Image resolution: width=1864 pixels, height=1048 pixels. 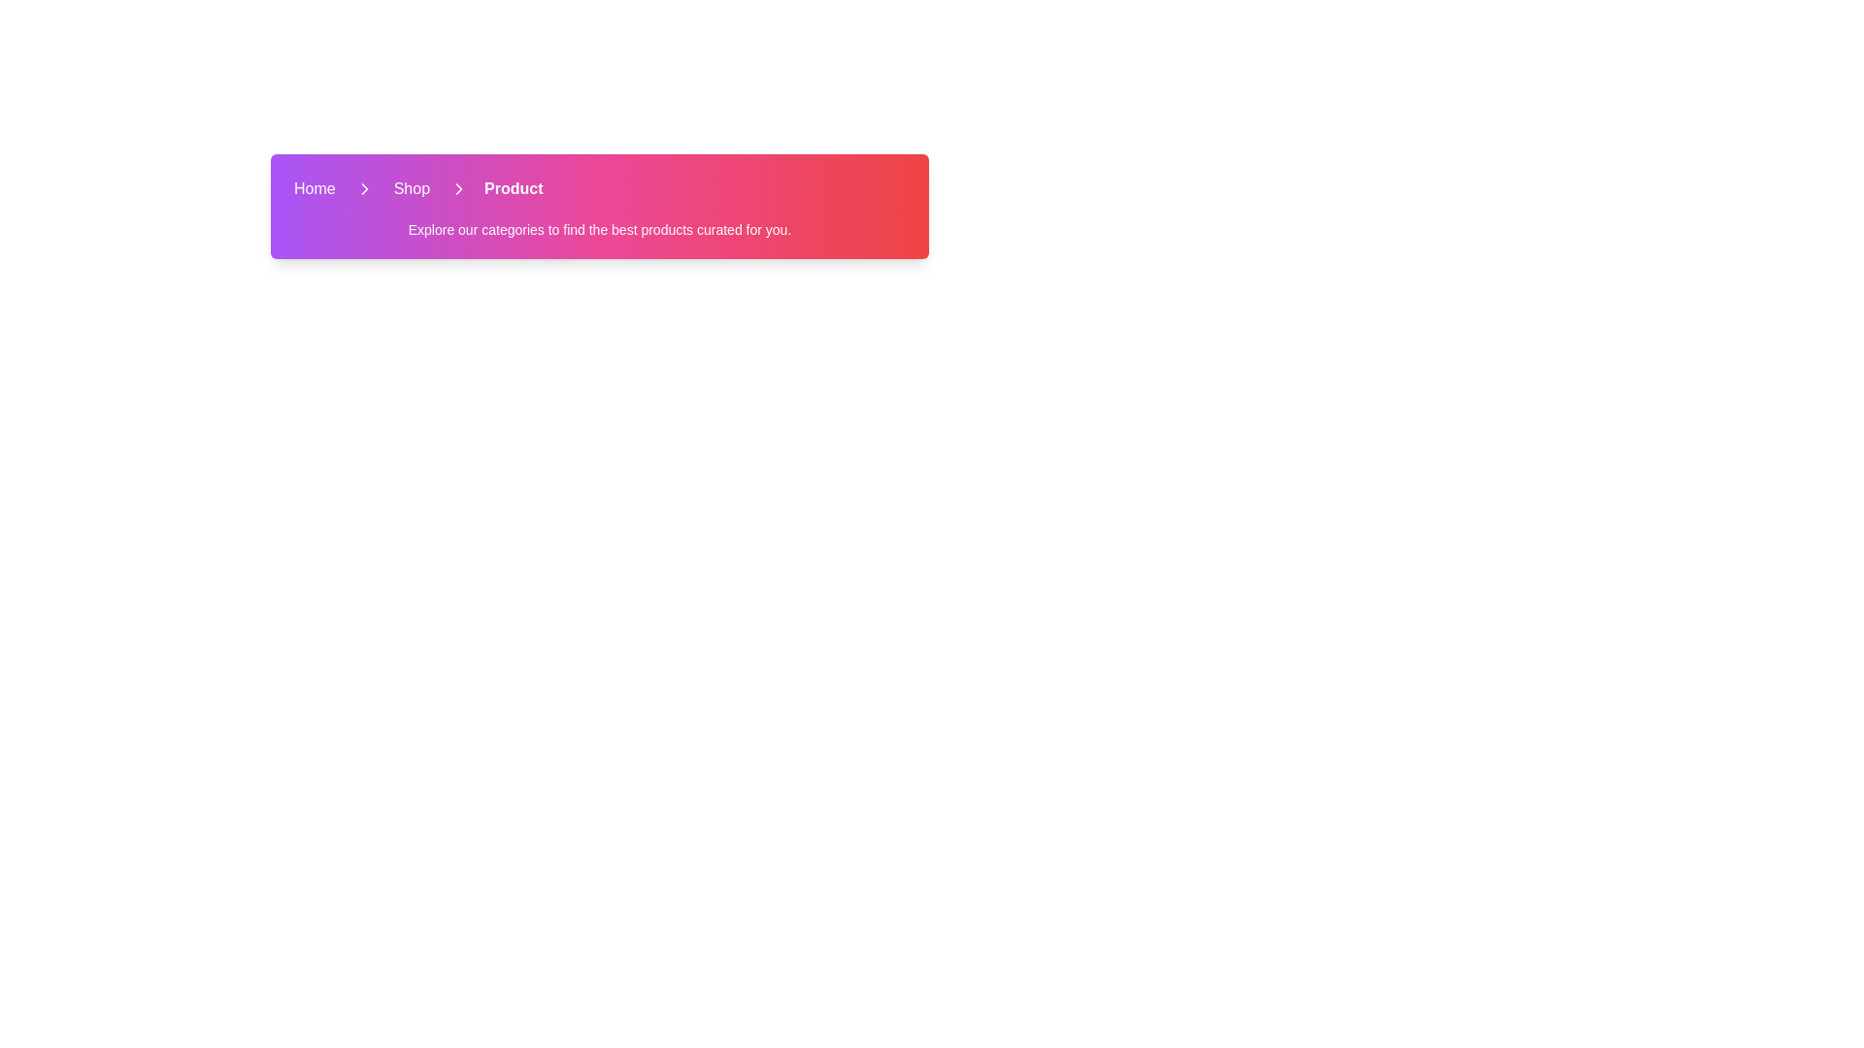 What do you see at coordinates (411, 189) in the screenshot?
I see `the 'Shop' hyperlink in the breadcrumb navigation bar` at bounding box center [411, 189].